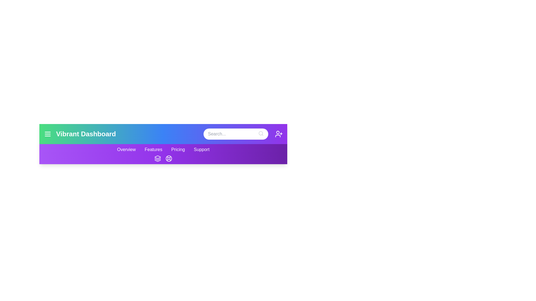  I want to click on the layers icon, so click(157, 159).